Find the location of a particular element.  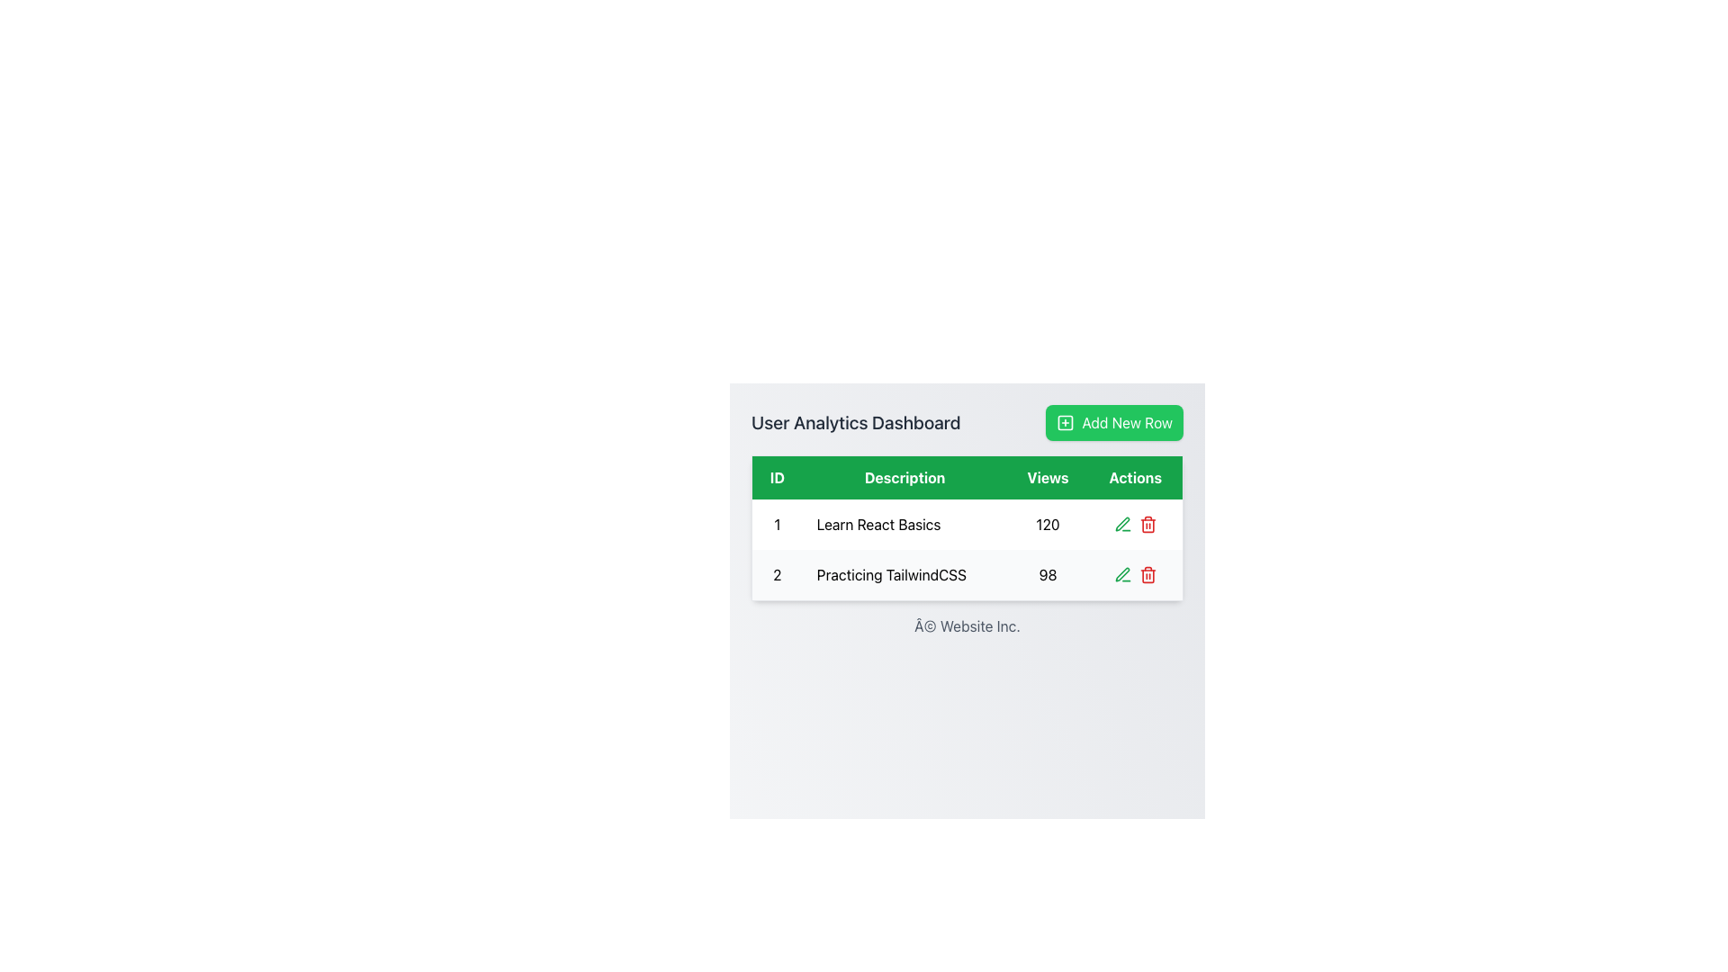

the Static Text displaying 'Â© Website Inc.' which is centered horizontally near the bottom of the page is located at coordinates (967, 625).